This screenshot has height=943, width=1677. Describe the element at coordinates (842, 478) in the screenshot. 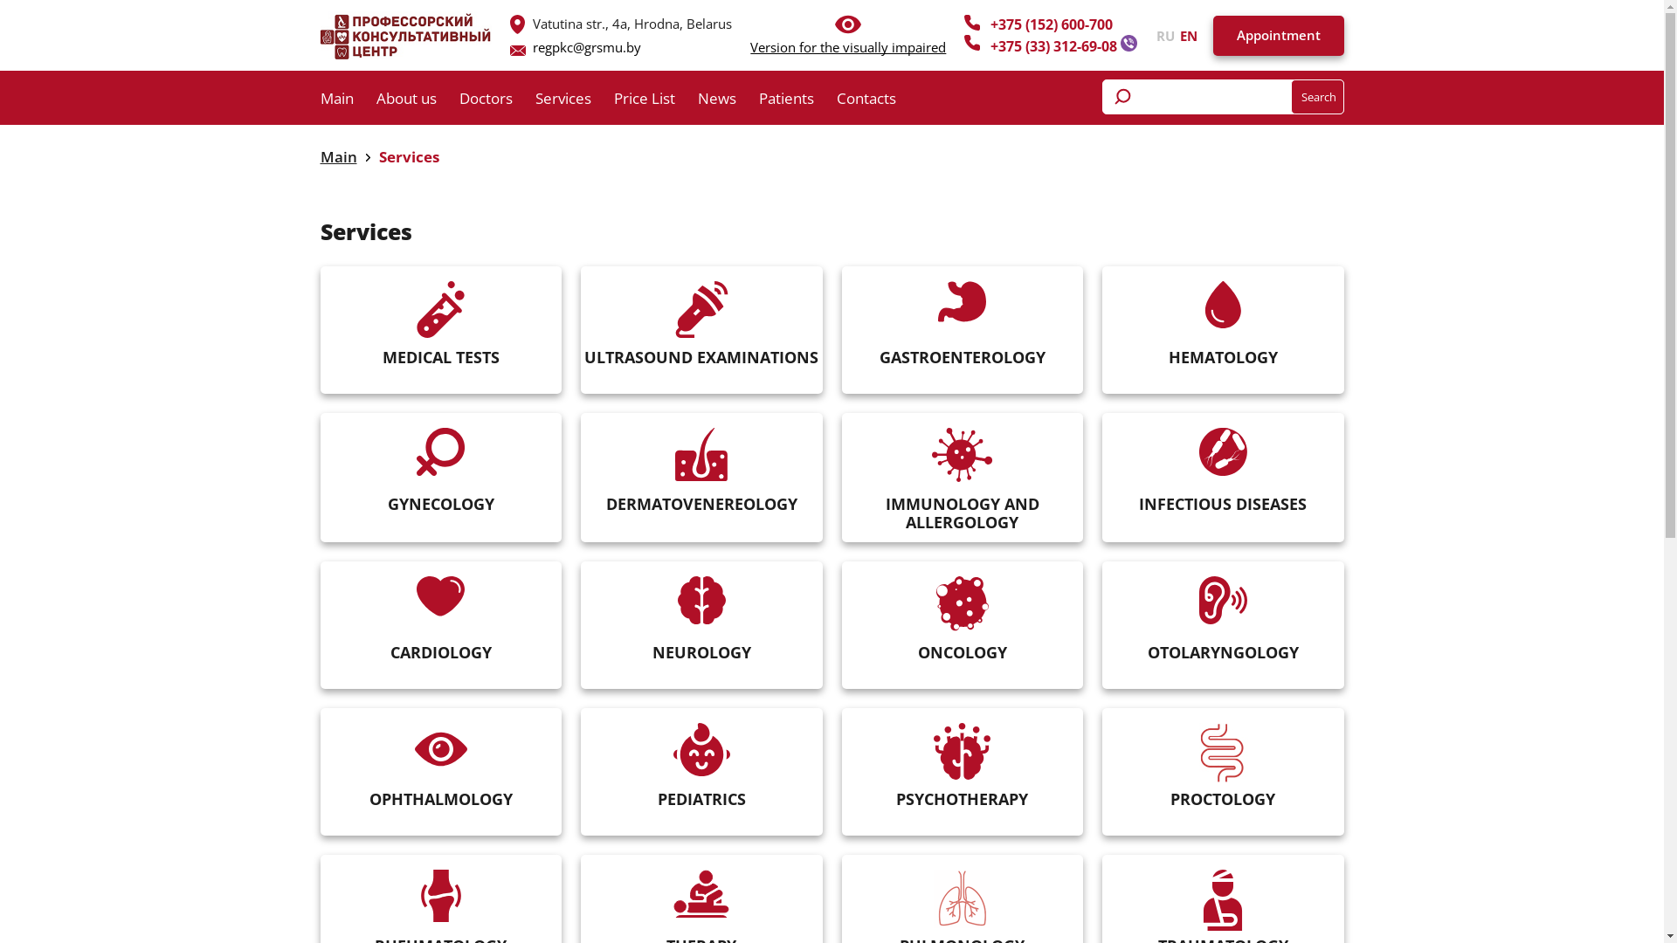

I see `'IMMUNOLOGY AND ALLERGOLOGY'` at that location.